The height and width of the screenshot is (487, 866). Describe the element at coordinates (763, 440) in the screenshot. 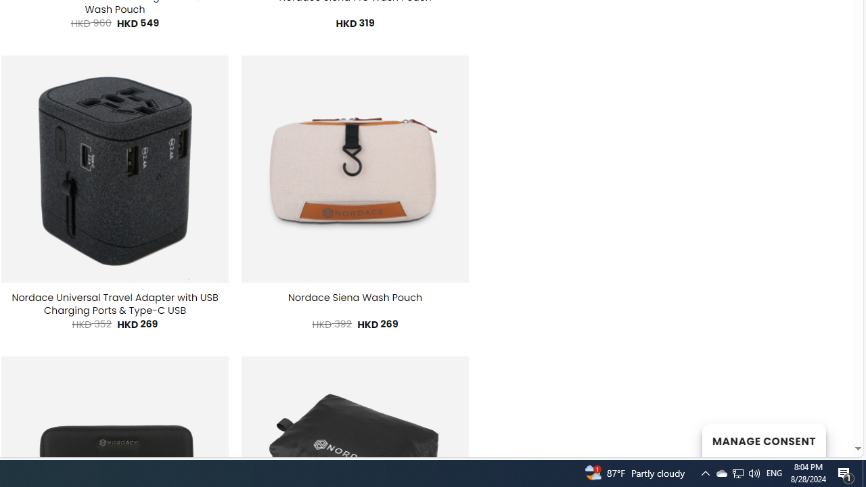

I see `'MANAGE CONSENT'` at that location.